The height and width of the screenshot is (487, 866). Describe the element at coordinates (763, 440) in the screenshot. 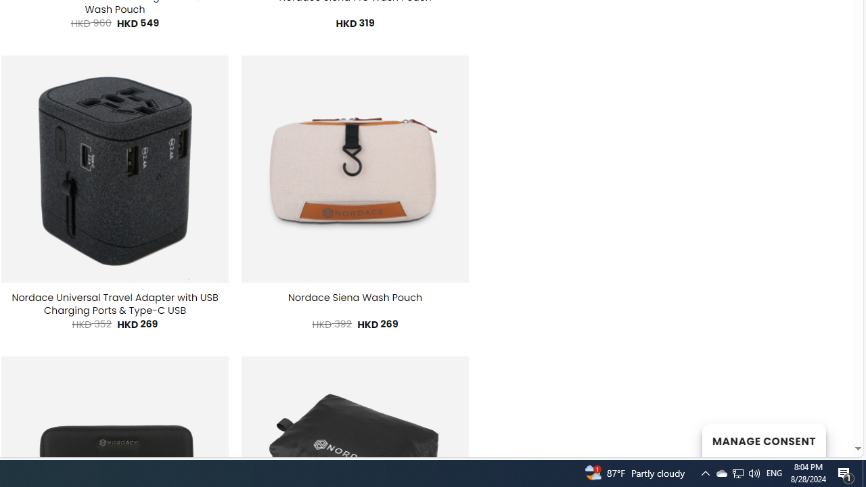

I see `'MANAGE CONSENT'` at that location.